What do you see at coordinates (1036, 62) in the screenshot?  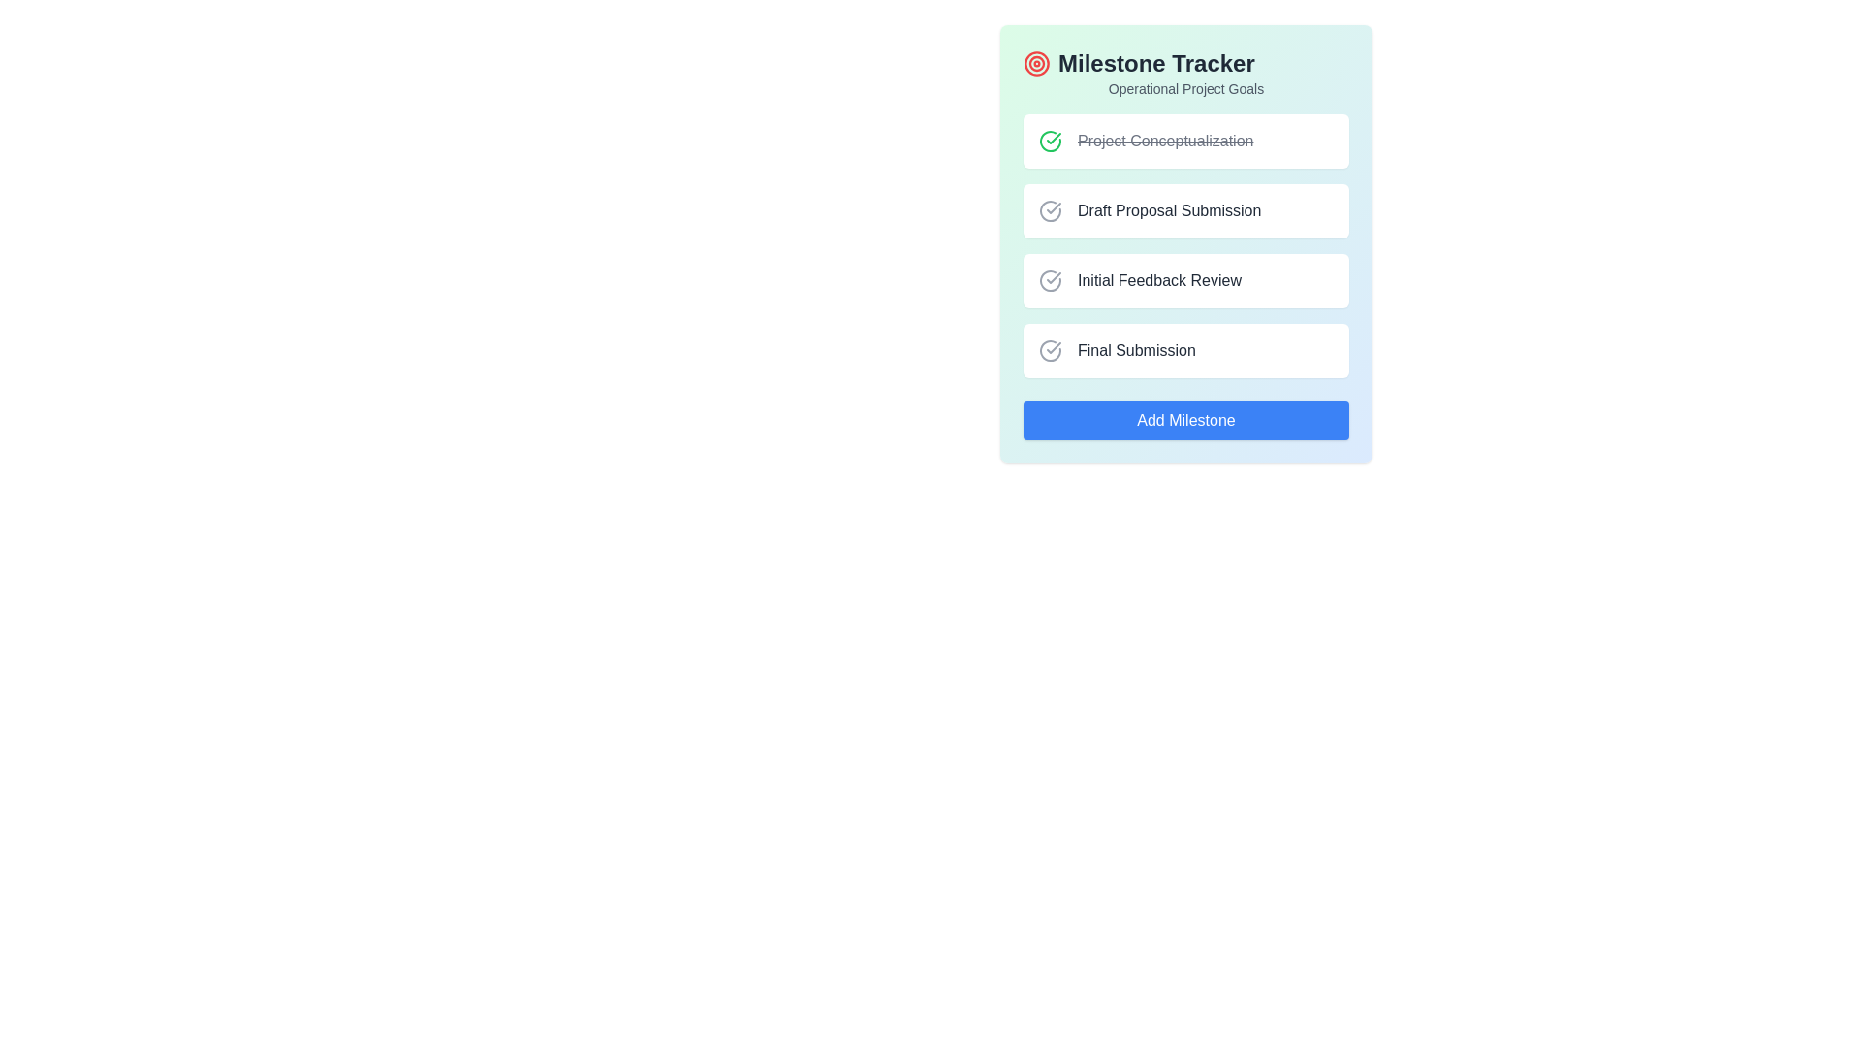 I see `the outermost SVG circle element that is part of the target icon for the milestone tracker interface, located to the left of the 'Milestone Tracker' header text` at bounding box center [1036, 62].